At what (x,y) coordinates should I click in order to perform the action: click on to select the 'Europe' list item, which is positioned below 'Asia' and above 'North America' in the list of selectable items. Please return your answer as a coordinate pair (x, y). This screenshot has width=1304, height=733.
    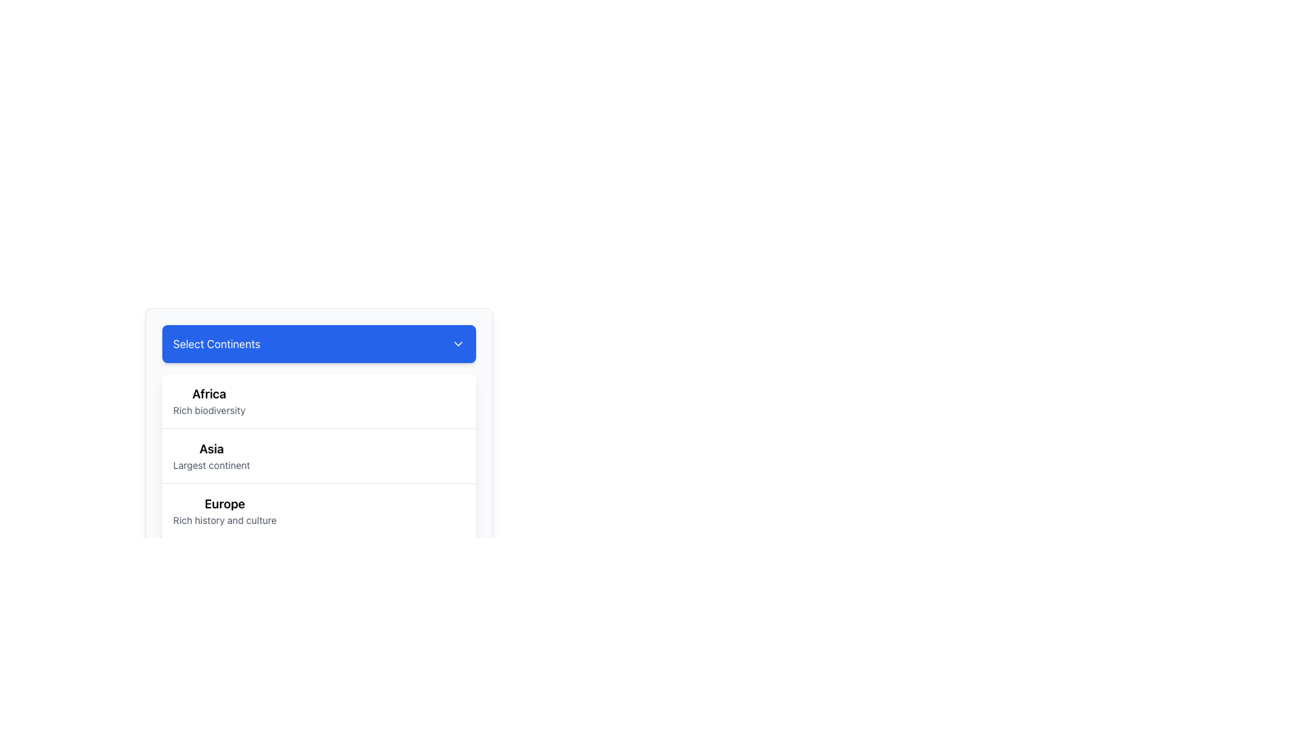
    Looking at the image, I should click on (319, 510).